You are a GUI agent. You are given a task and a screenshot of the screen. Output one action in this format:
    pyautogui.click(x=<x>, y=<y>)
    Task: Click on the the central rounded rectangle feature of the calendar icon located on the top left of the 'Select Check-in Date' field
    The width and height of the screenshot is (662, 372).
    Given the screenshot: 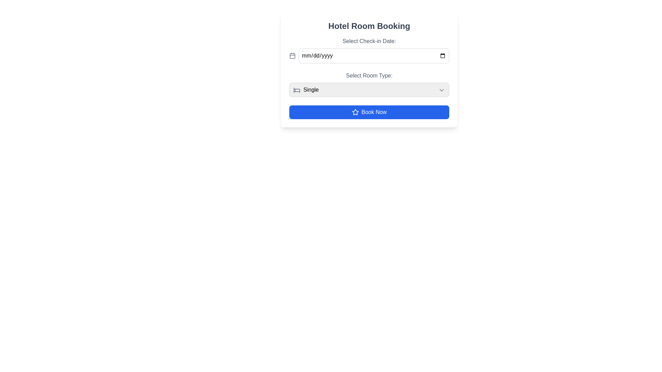 What is the action you would take?
    pyautogui.click(x=292, y=55)
    